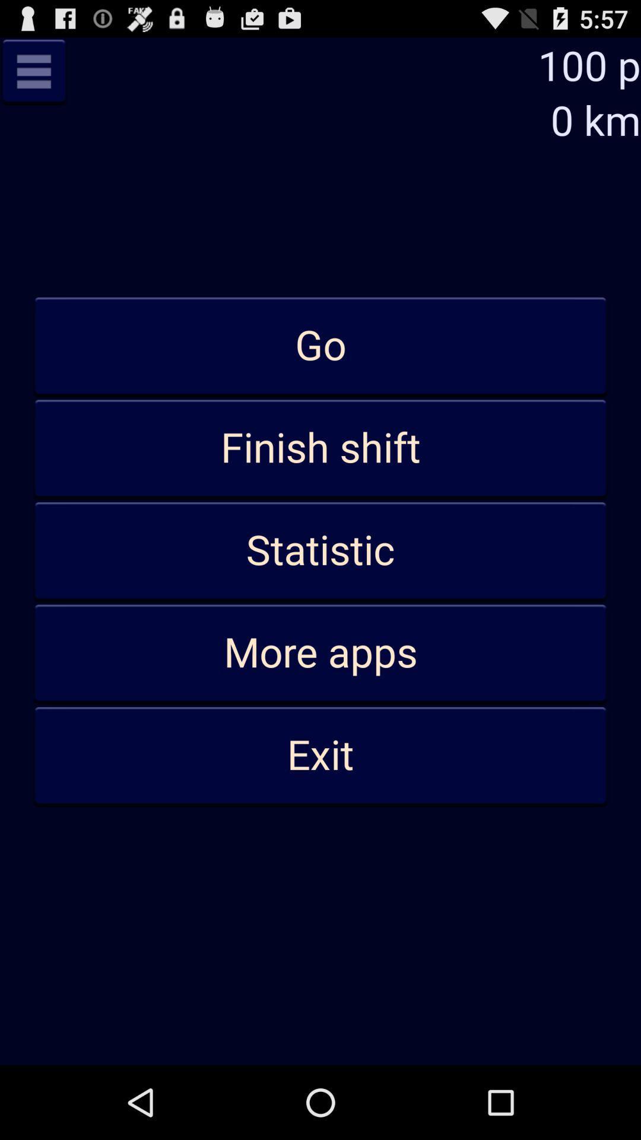 This screenshot has width=641, height=1140. I want to click on go app, so click(320, 346).